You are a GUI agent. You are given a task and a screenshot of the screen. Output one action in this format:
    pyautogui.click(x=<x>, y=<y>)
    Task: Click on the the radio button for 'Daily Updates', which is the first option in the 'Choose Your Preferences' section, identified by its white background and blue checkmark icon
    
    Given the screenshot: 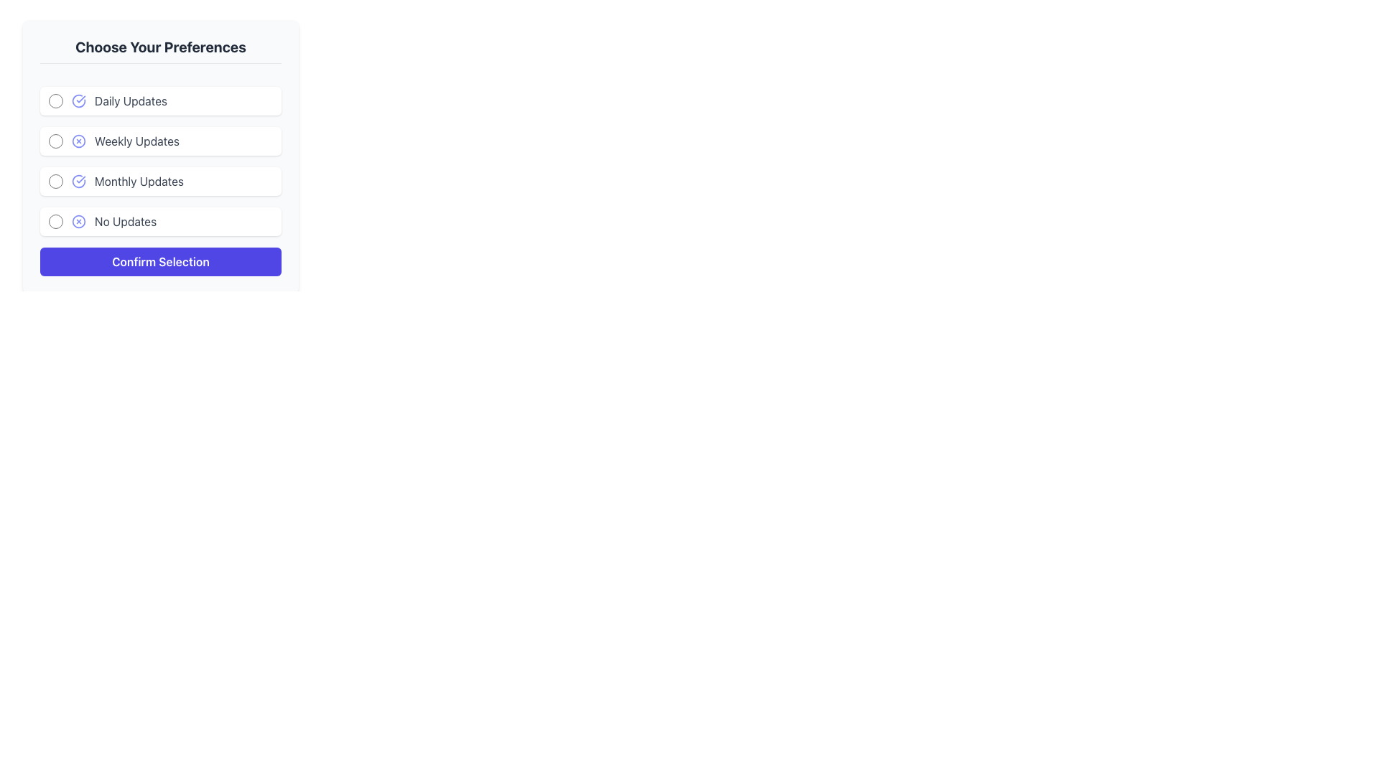 What is the action you would take?
    pyautogui.click(x=161, y=100)
    